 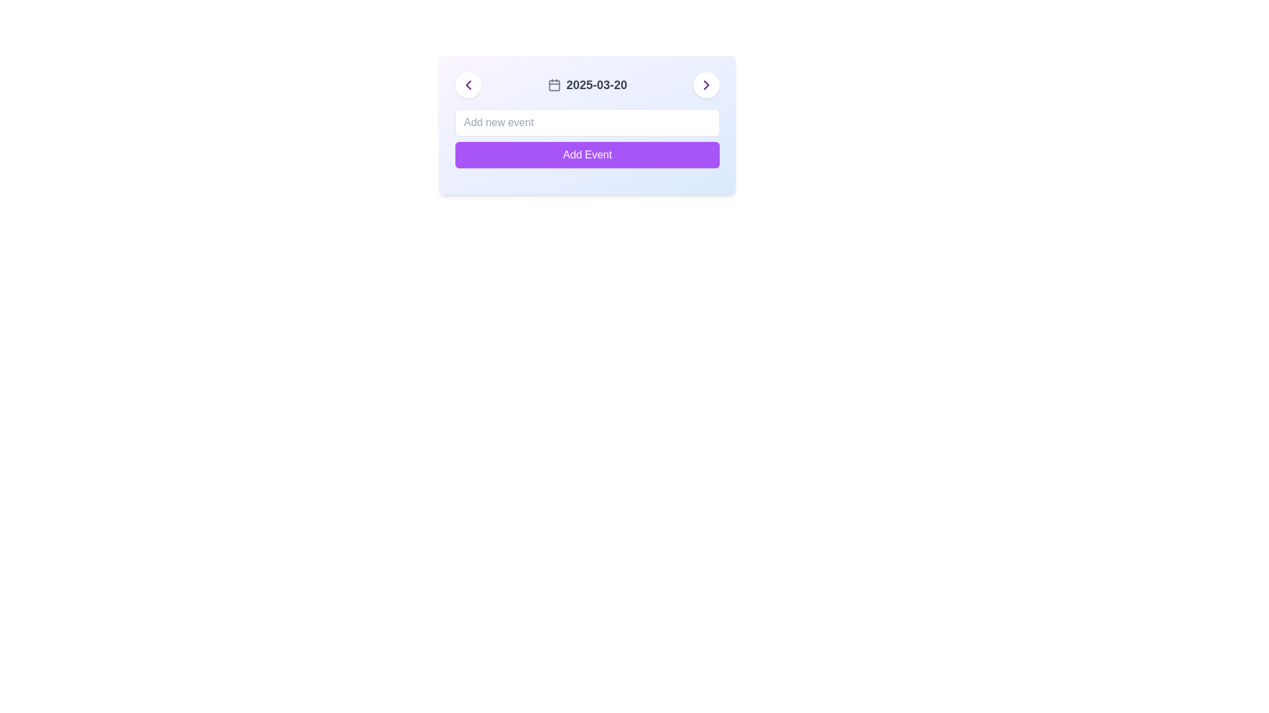 I want to click on the text label displaying the date '2025-03-20', which is styled in bold gray and is located centrally in the interface, immediately following a calendar icon, so click(x=596, y=85).